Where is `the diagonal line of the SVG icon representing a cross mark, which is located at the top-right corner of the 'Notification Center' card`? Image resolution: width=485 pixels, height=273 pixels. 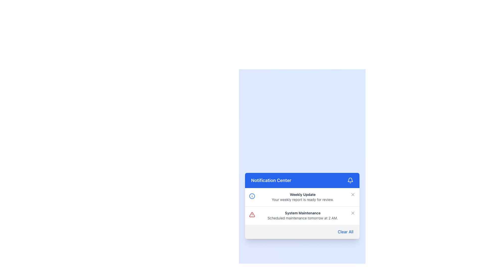
the diagonal line of the SVG icon representing a cross mark, which is located at the top-right corner of the 'Notification Center' card is located at coordinates (352, 213).